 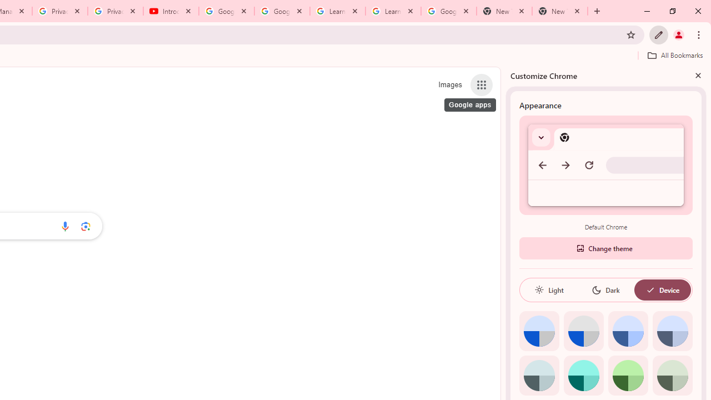 I want to click on 'Viridian', so click(x=672, y=375).